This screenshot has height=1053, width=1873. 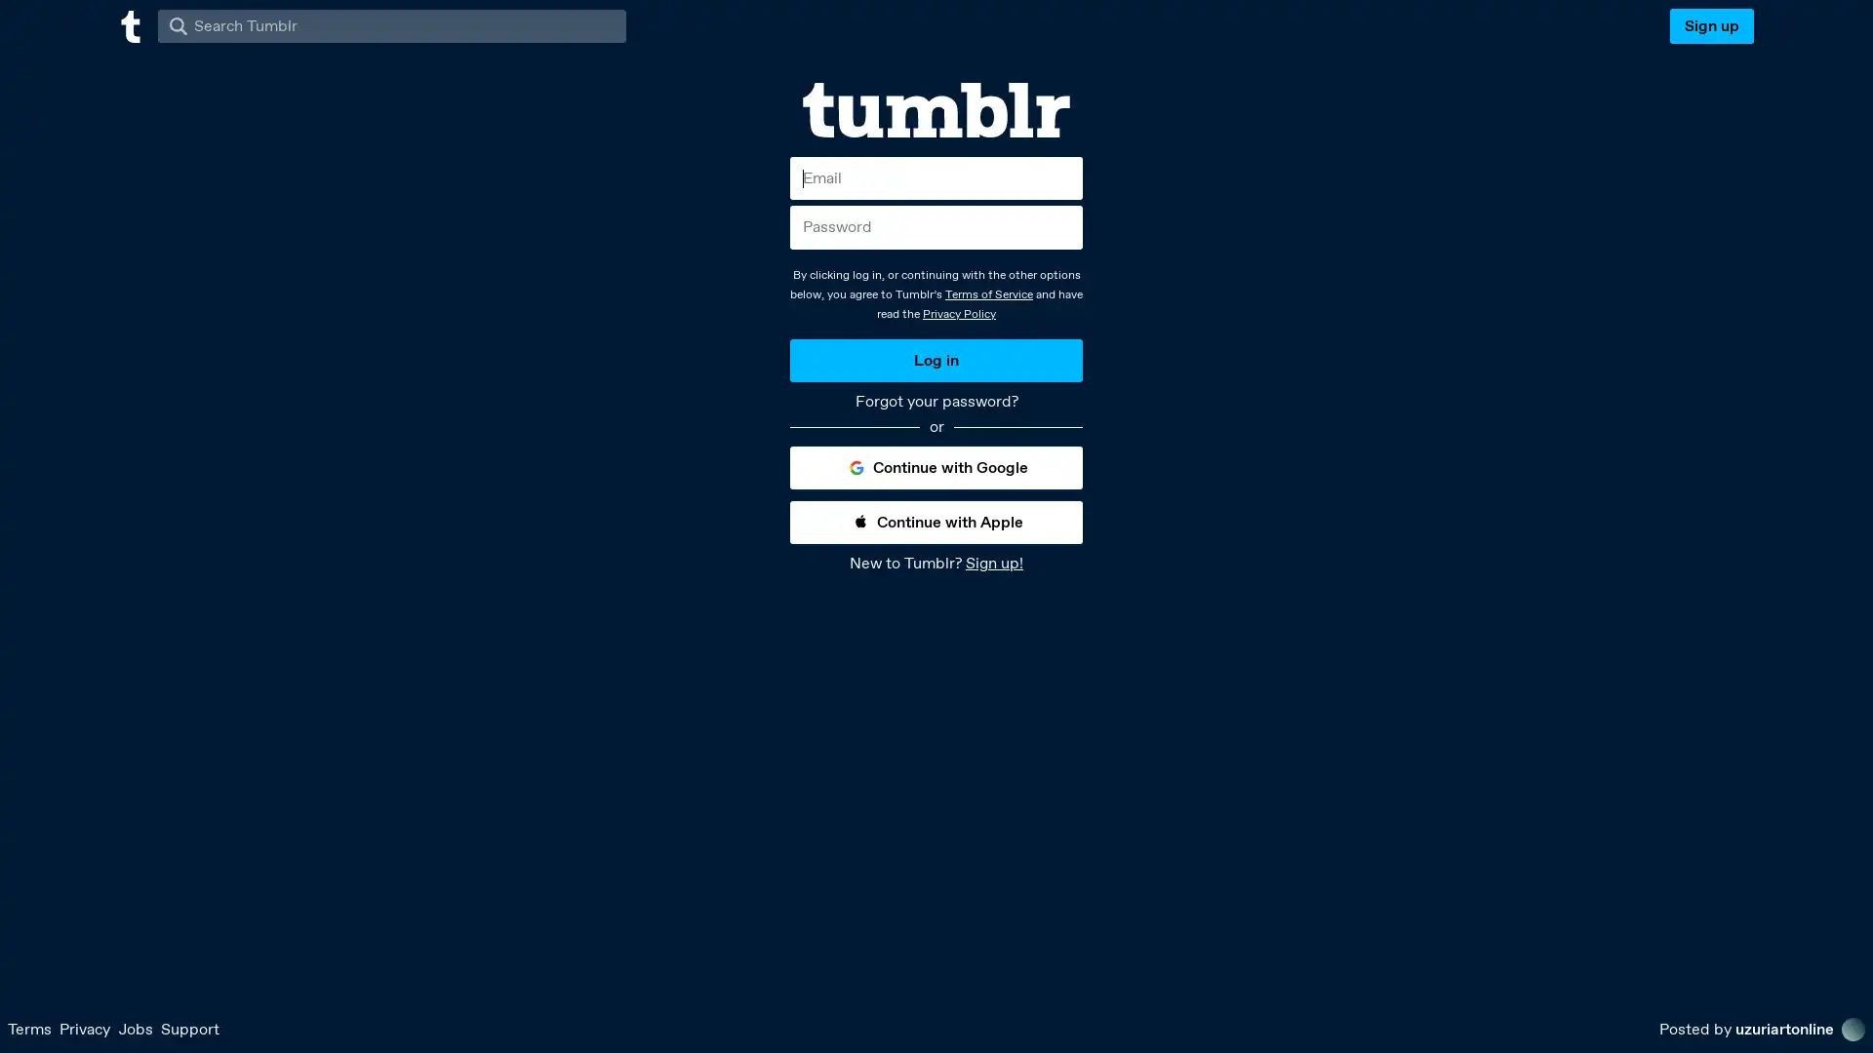 I want to click on Scroll to top, so click(x=1834, y=1031).